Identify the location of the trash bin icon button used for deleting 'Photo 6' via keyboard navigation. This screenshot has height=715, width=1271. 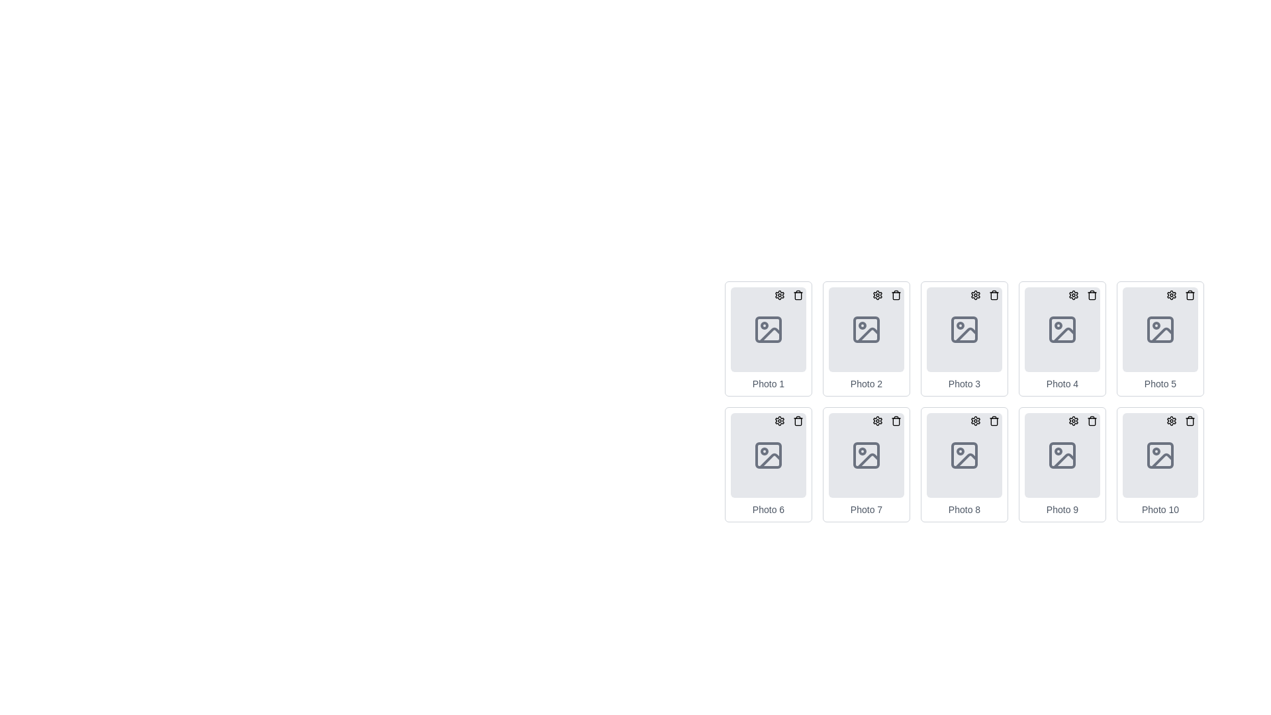
(797, 421).